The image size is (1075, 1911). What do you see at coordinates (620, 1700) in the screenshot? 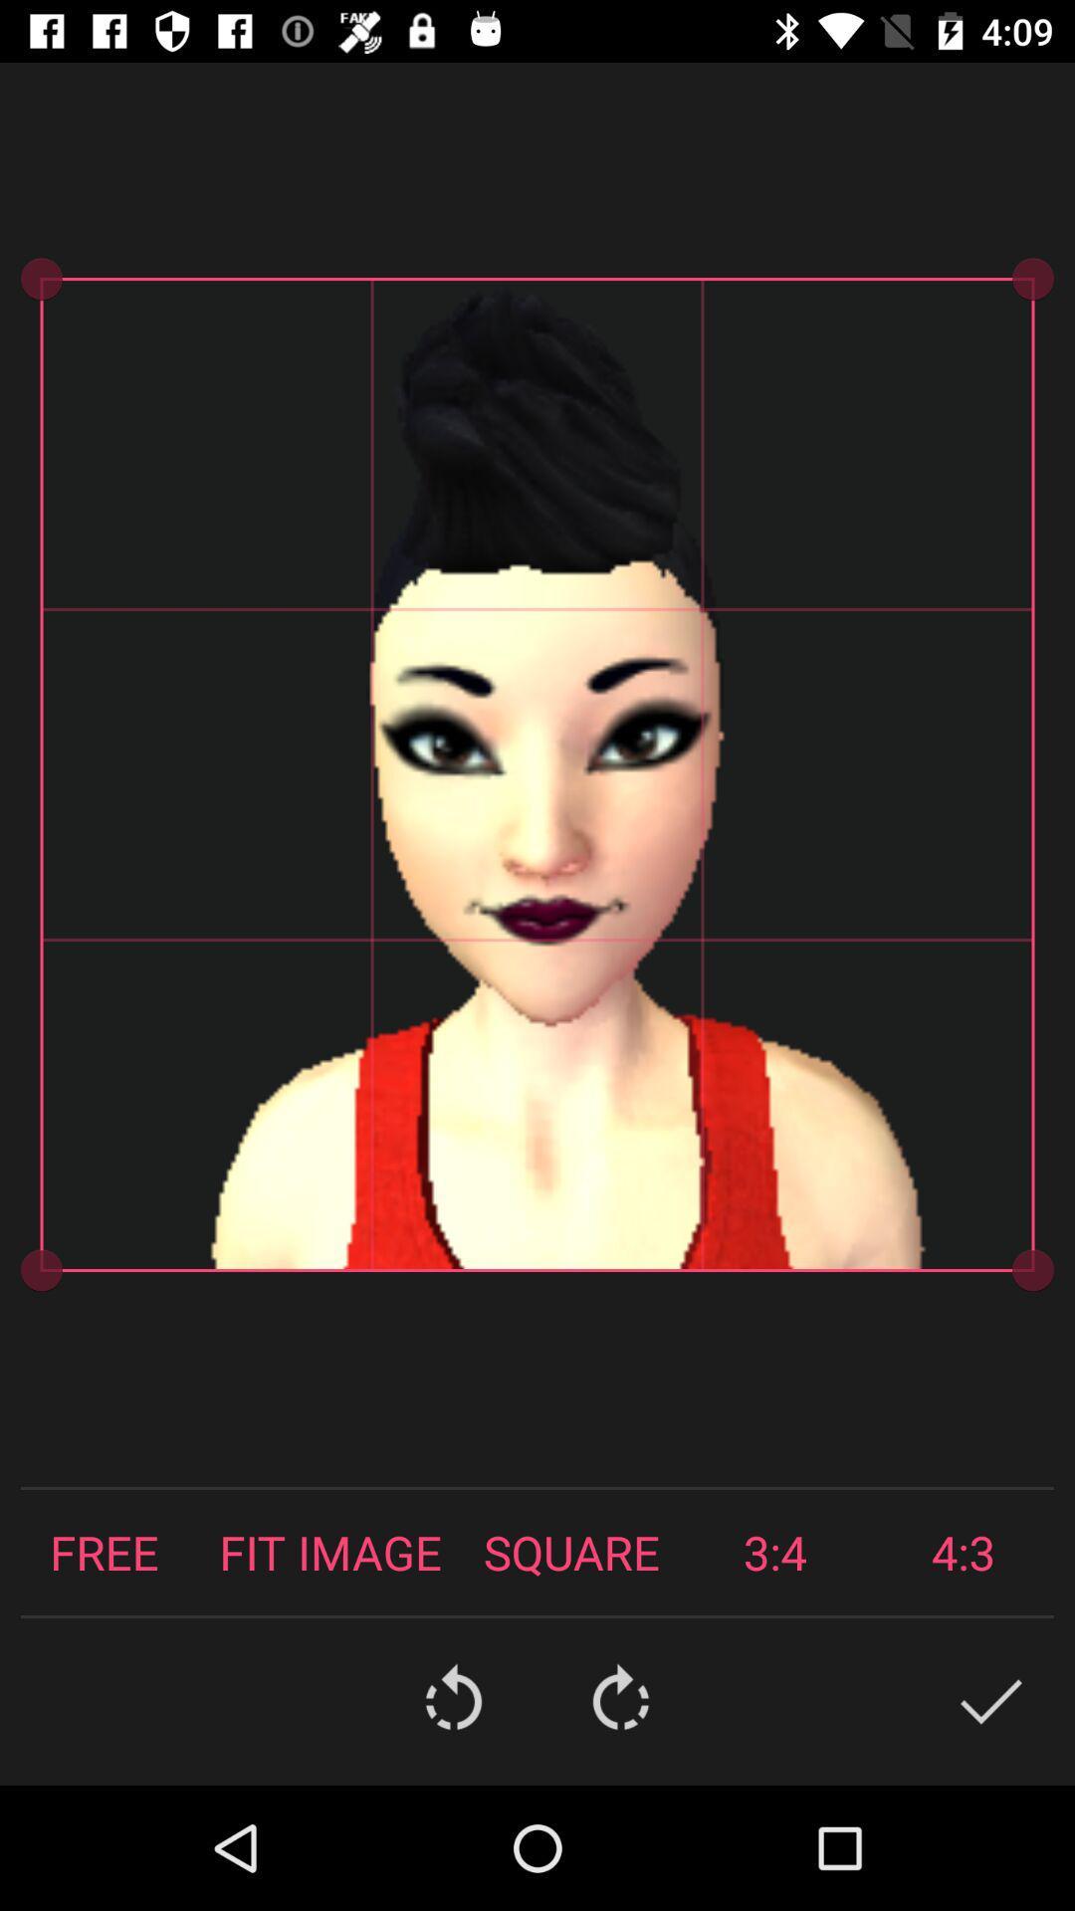
I see `the refresh icon` at bounding box center [620, 1700].